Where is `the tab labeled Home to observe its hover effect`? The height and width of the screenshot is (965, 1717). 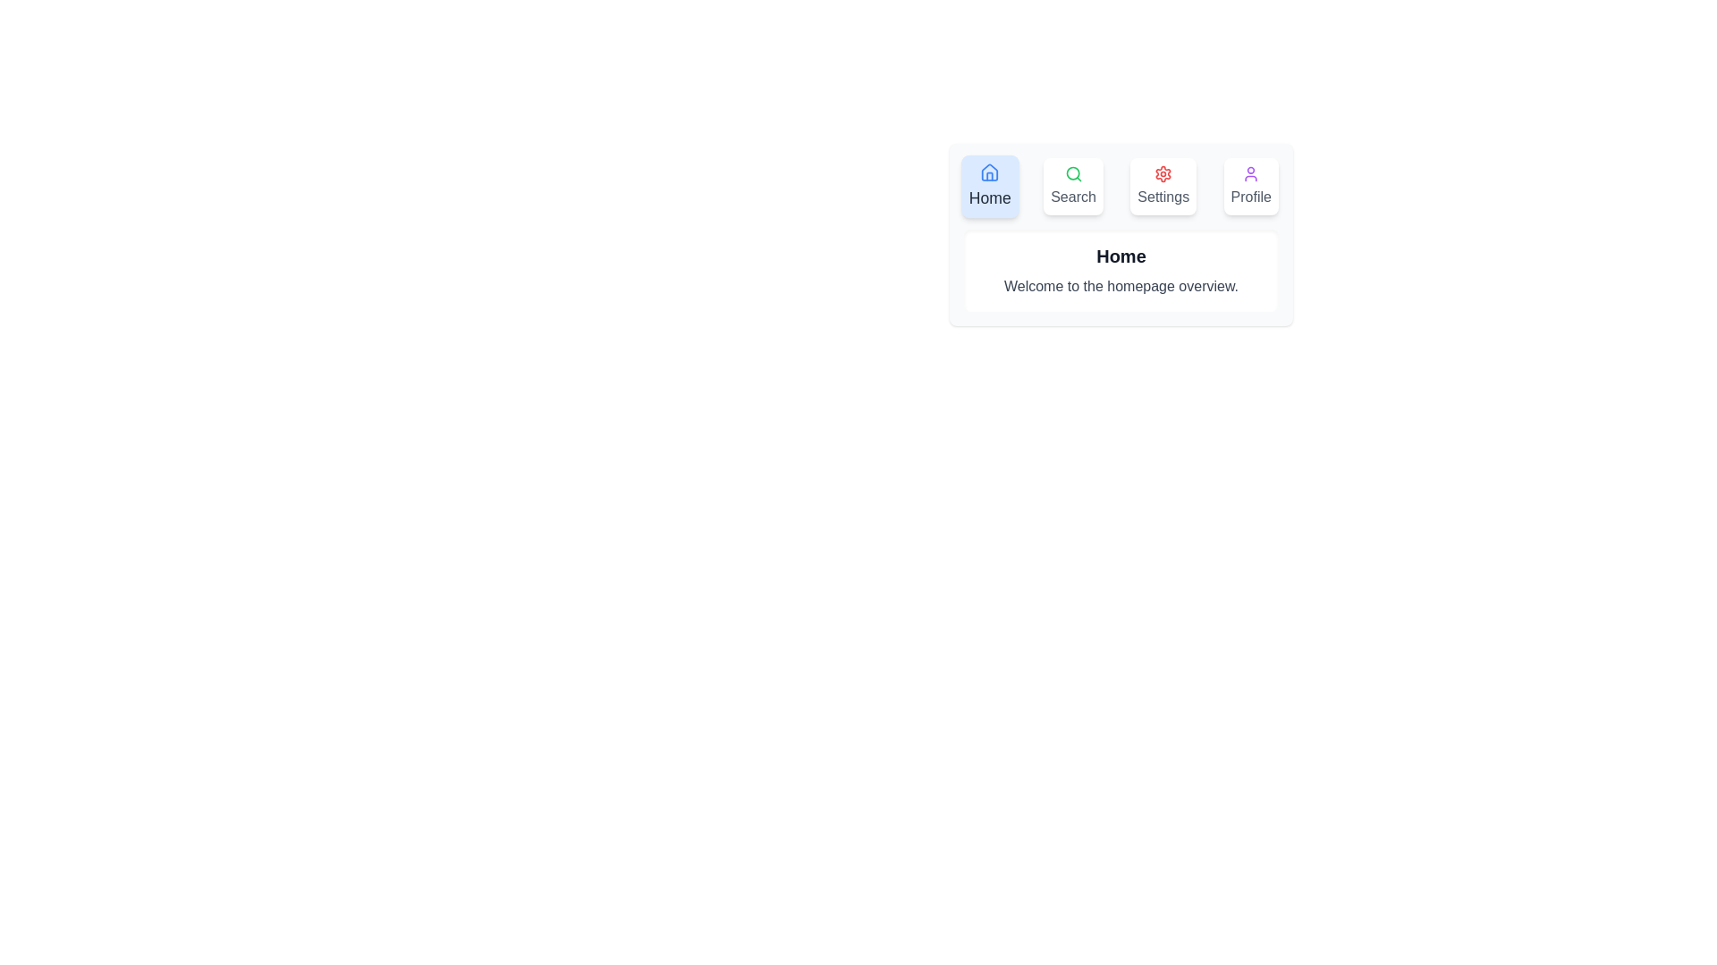
the tab labeled Home to observe its hover effect is located at coordinates (989, 186).